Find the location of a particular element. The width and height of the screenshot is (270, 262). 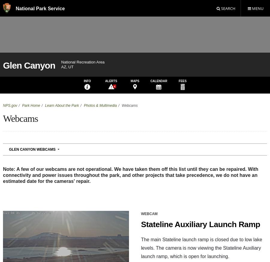

'FAQ' is located at coordinates (148, 227).